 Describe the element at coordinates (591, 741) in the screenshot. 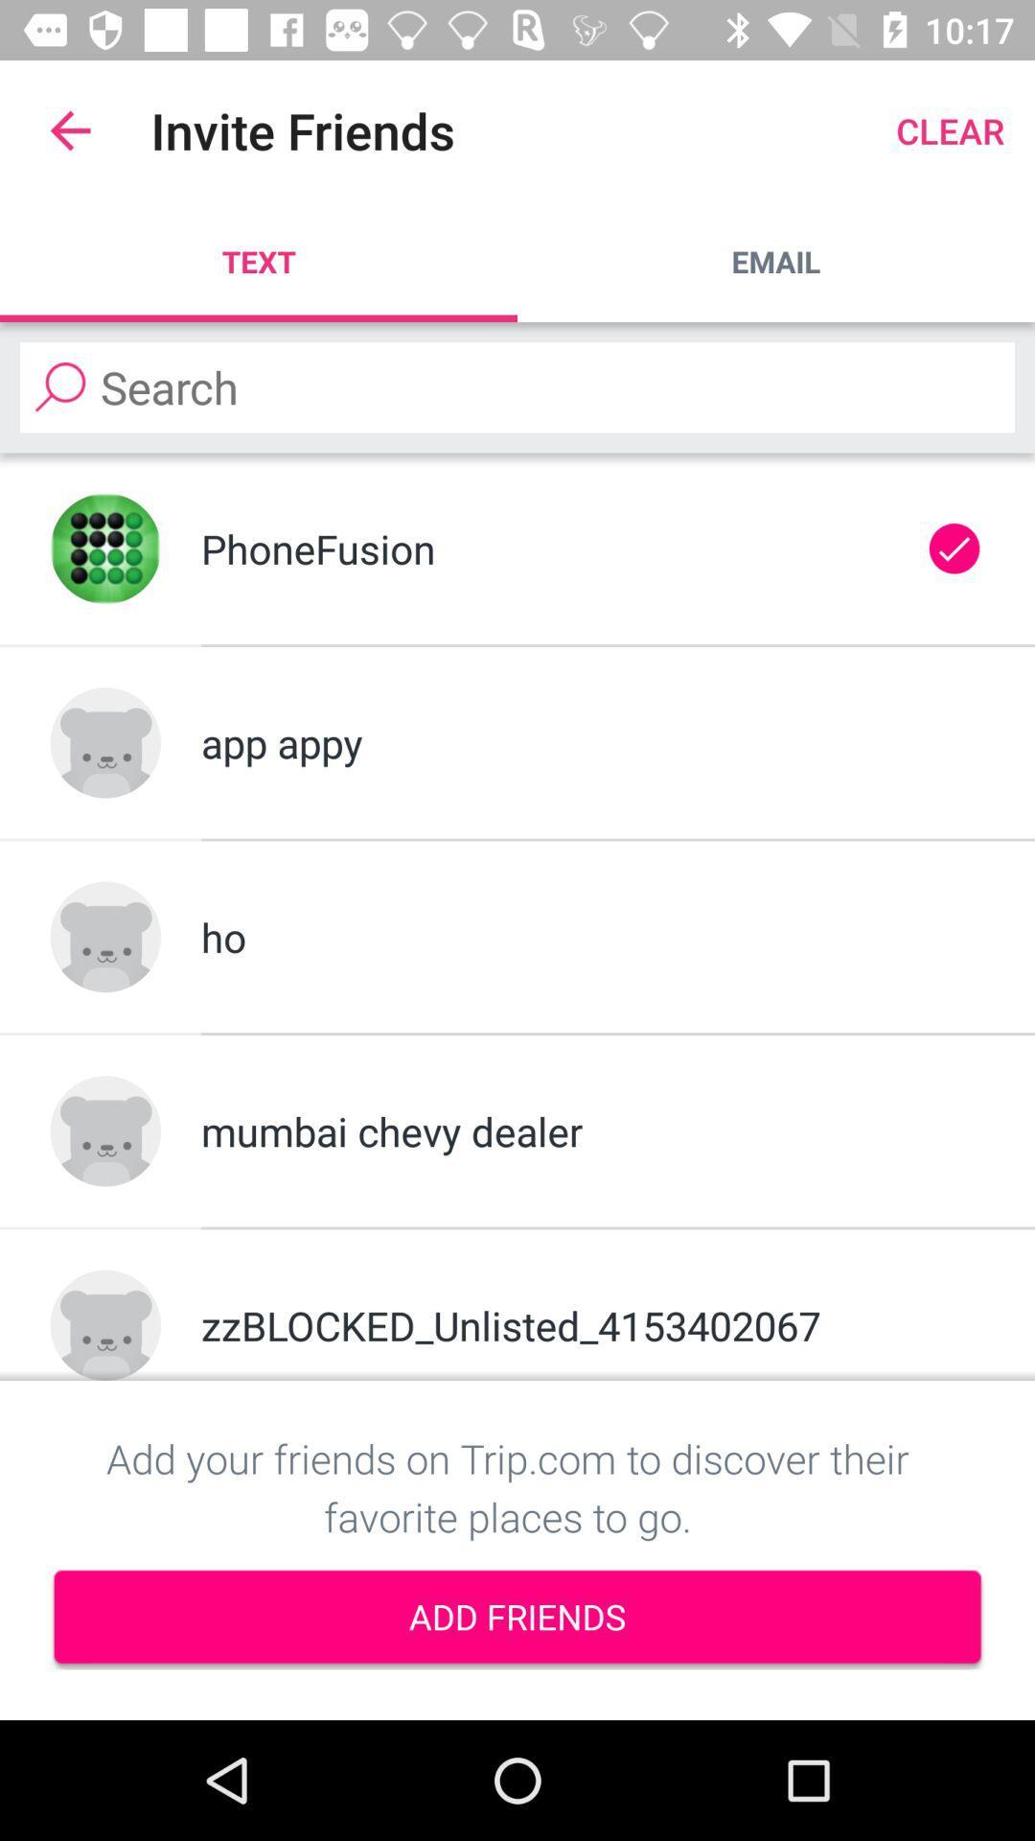

I see `app appy item` at that location.